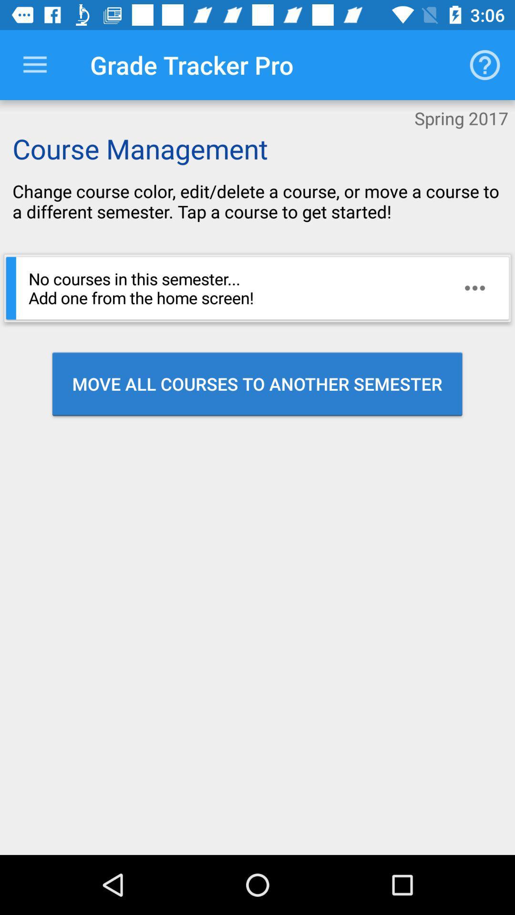 The width and height of the screenshot is (515, 915). Describe the element at coordinates (257, 384) in the screenshot. I see `icon below no courses in` at that location.